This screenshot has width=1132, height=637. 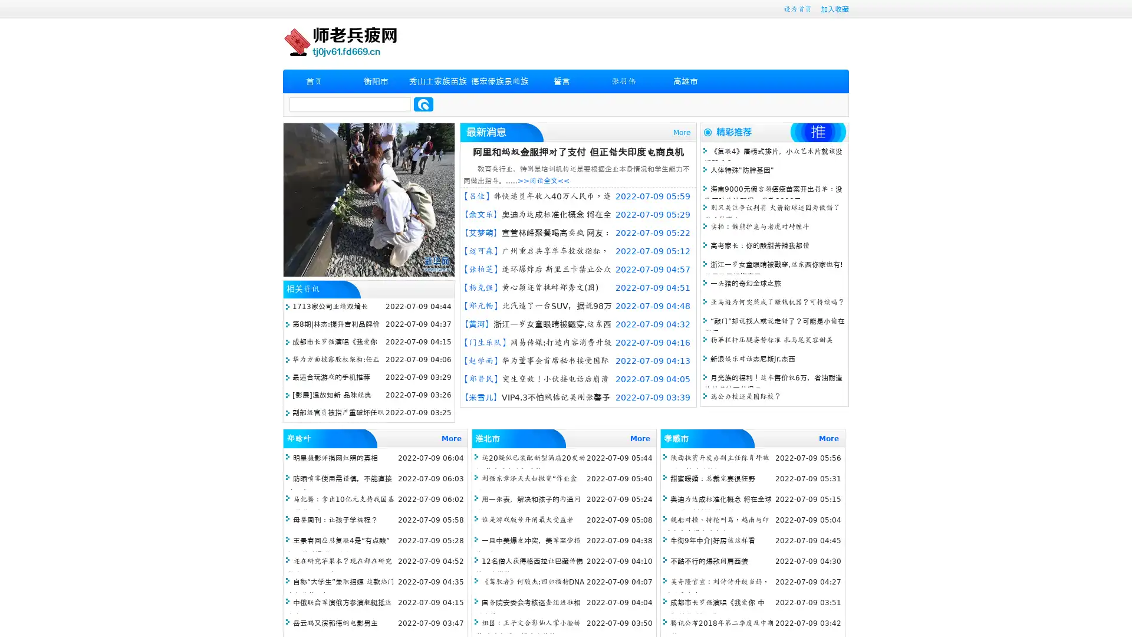 What do you see at coordinates (423, 104) in the screenshot?
I see `Search` at bounding box center [423, 104].